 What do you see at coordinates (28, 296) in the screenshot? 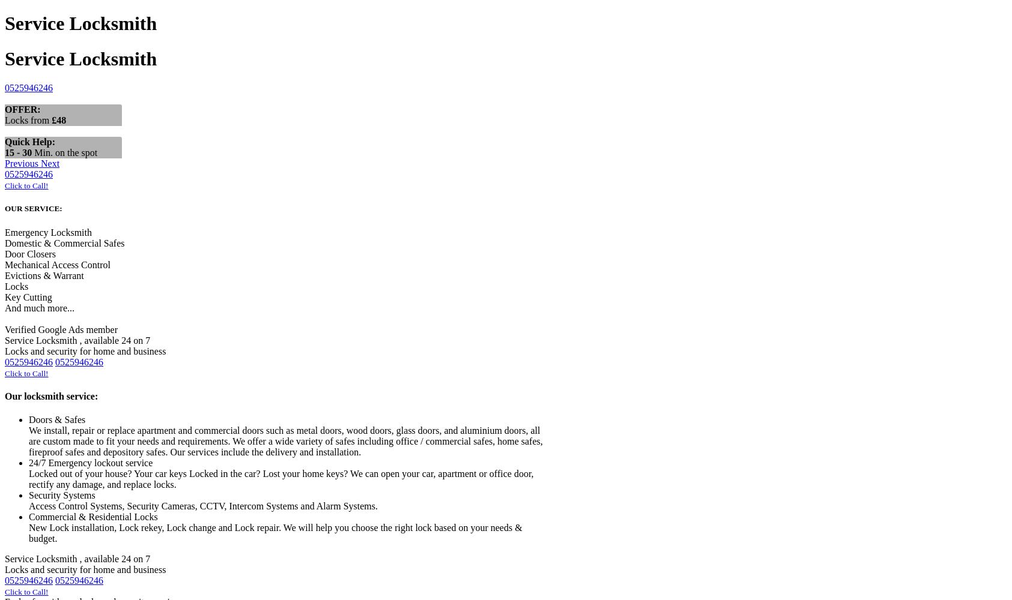
I see `'Key Cutting'` at bounding box center [28, 296].